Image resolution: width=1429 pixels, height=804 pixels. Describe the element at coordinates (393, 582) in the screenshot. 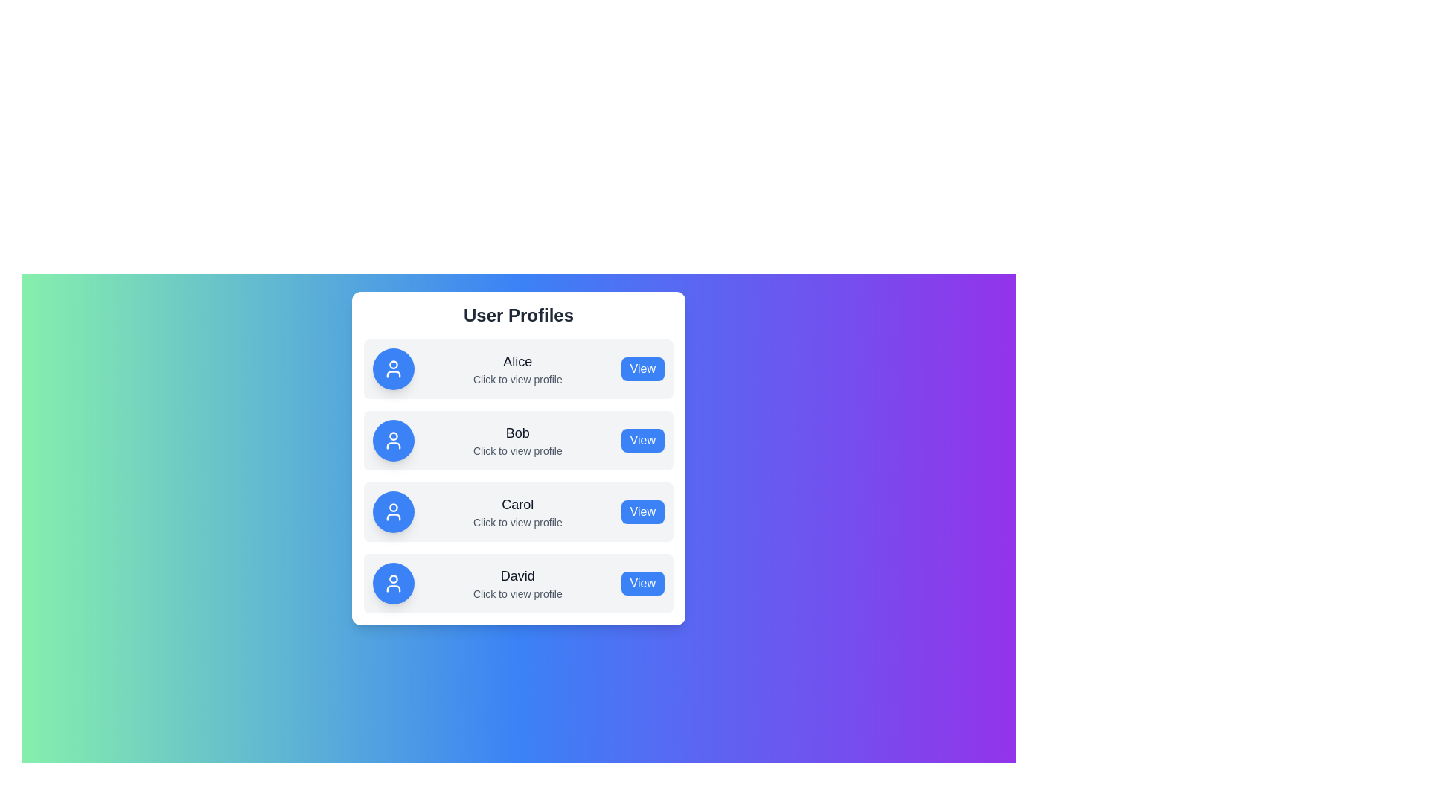

I see `the user profile SVG icon located` at that location.